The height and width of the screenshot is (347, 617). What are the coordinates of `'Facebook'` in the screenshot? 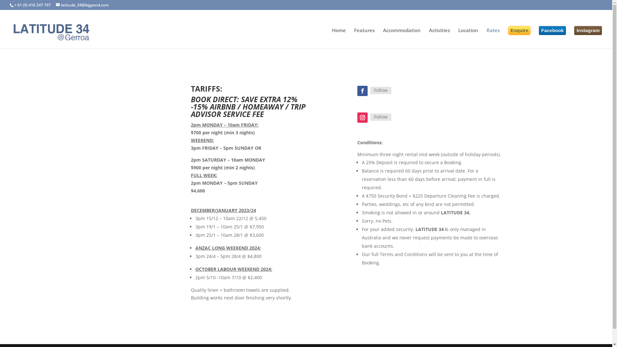 It's located at (539, 31).